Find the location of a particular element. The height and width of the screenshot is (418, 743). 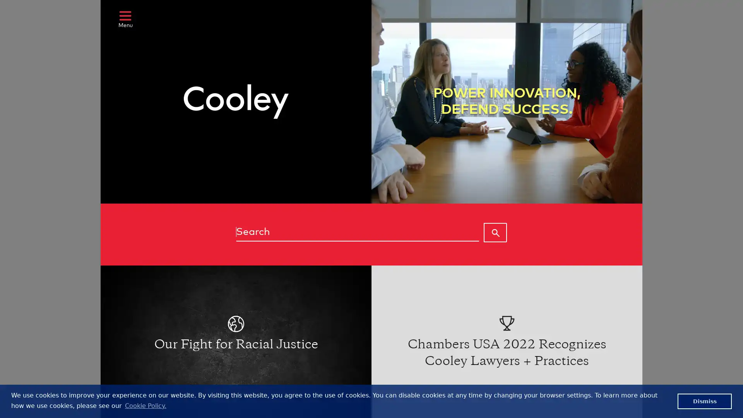

learn more about cookies is located at coordinates (145, 405).